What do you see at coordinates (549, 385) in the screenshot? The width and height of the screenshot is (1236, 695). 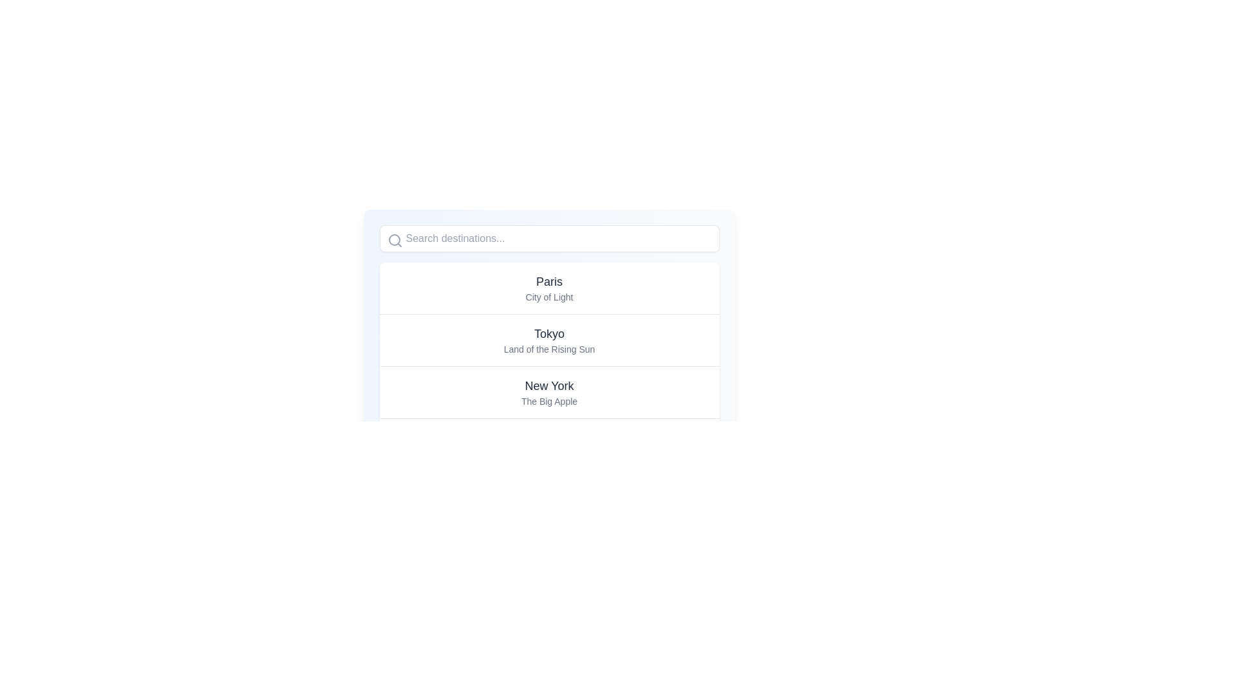 I see `the text element displaying 'New York' in a large, bold font, which is positioned above the smaller text 'The Big Apple'` at bounding box center [549, 385].